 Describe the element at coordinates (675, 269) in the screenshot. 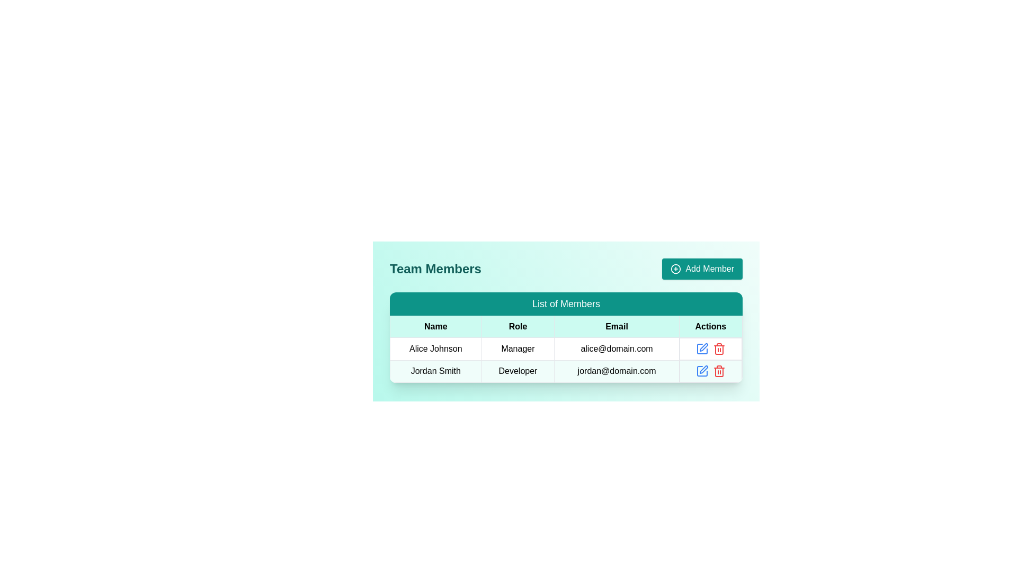

I see `the circular teal icon with a plus symbol inside it, located within the 'Add Member' button in the top-right corner of the interface above the 'List of Members' table` at that location.